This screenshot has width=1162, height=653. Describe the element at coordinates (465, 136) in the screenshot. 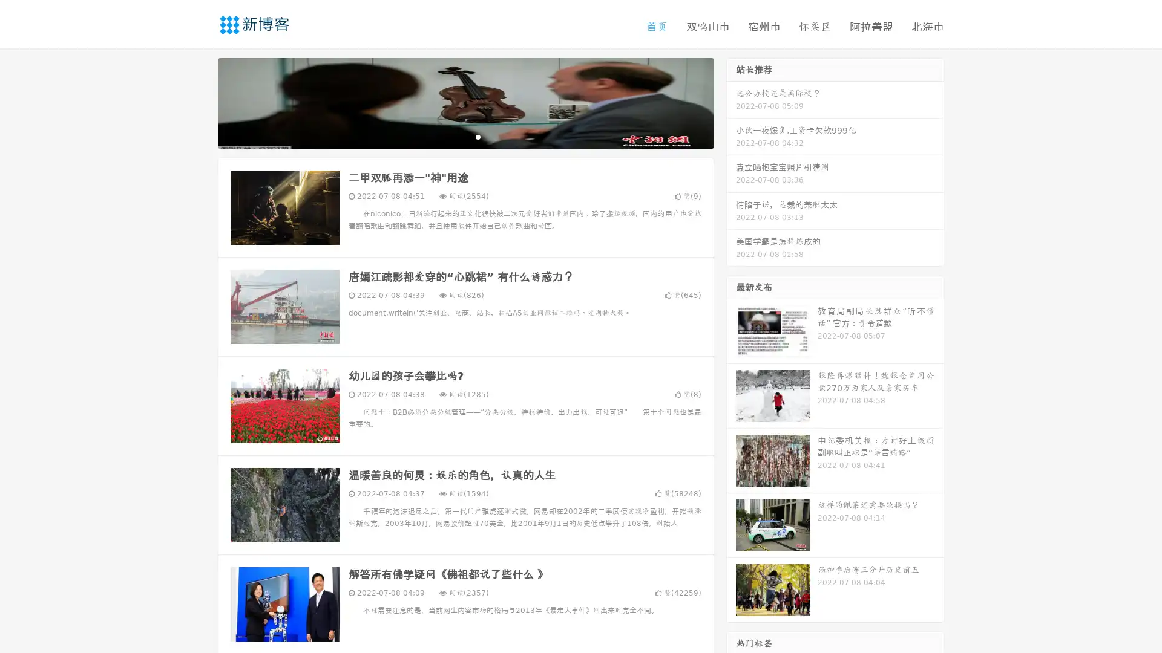

I see `Go to slide 2` at that location.